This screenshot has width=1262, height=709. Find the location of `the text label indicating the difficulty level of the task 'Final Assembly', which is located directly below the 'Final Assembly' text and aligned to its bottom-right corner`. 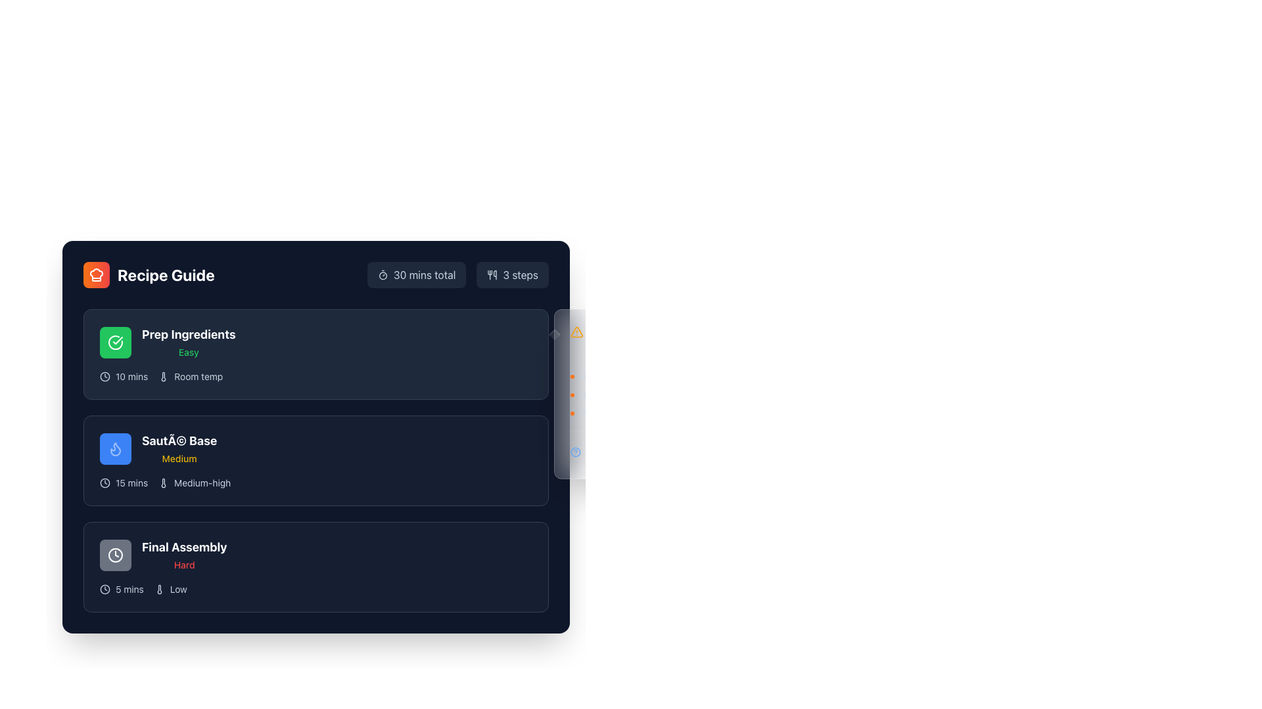

the text label indicating the difficulty level of the task 'Final Assembly', which is located directly below the 'Final Assembly' text and aligned to its bottom-right corner is located at coordinates (183, 564).